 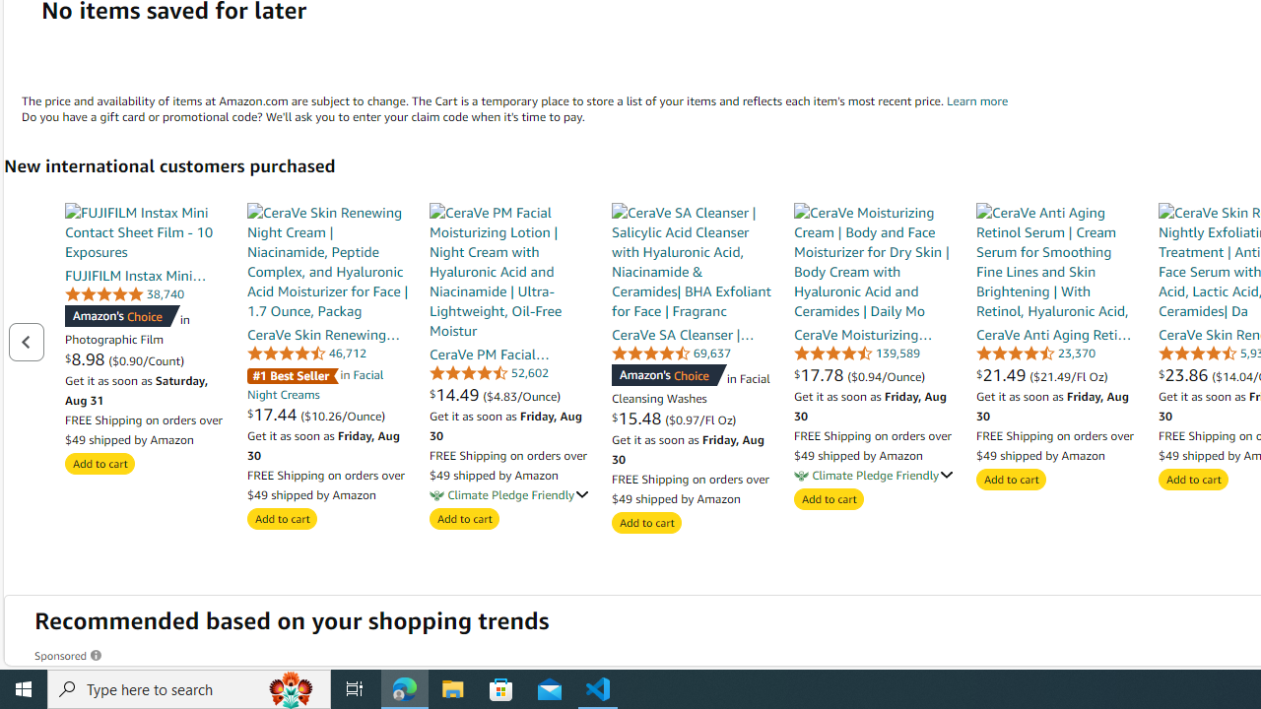 What do you see at coordinates (145, 230) in the screenshot?
I see `'FUJIFILM Instax Mini Contact Sheet Film - 10 Exposures'` at bounding box center [145, 230].